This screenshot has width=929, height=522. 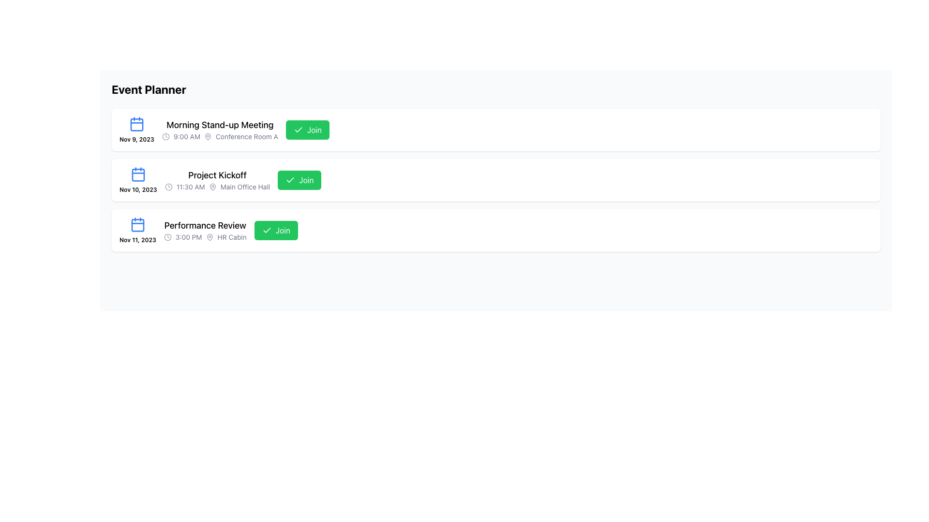 I want to click on information provided in the Text with Icons element located directly below the 'Morning Stand-up Meeting' text, which contains details about the scheduled time and location for a meeting or event, so click(x=219, y=136).